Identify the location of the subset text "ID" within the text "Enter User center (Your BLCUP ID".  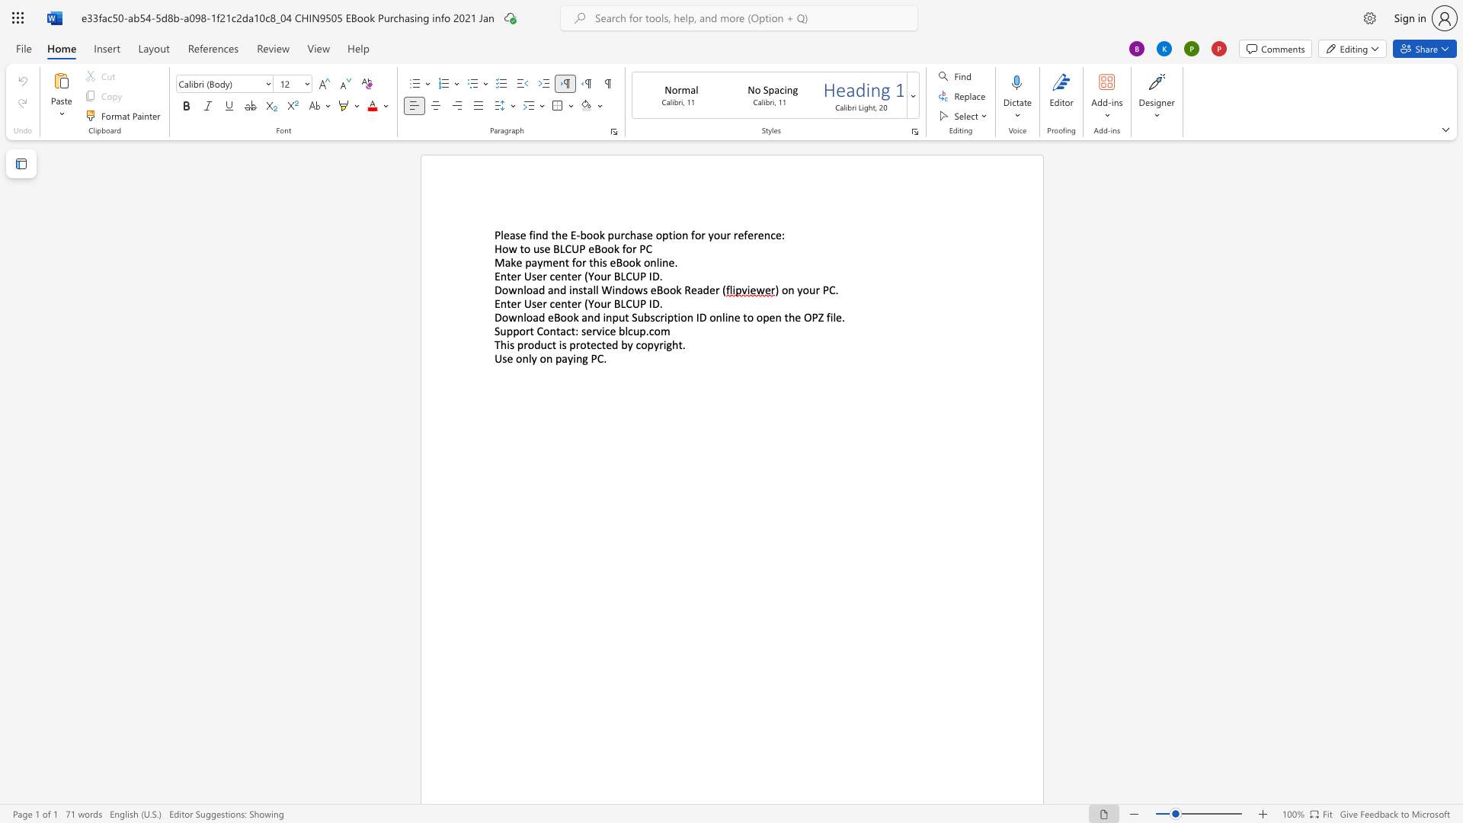
(648, 303).